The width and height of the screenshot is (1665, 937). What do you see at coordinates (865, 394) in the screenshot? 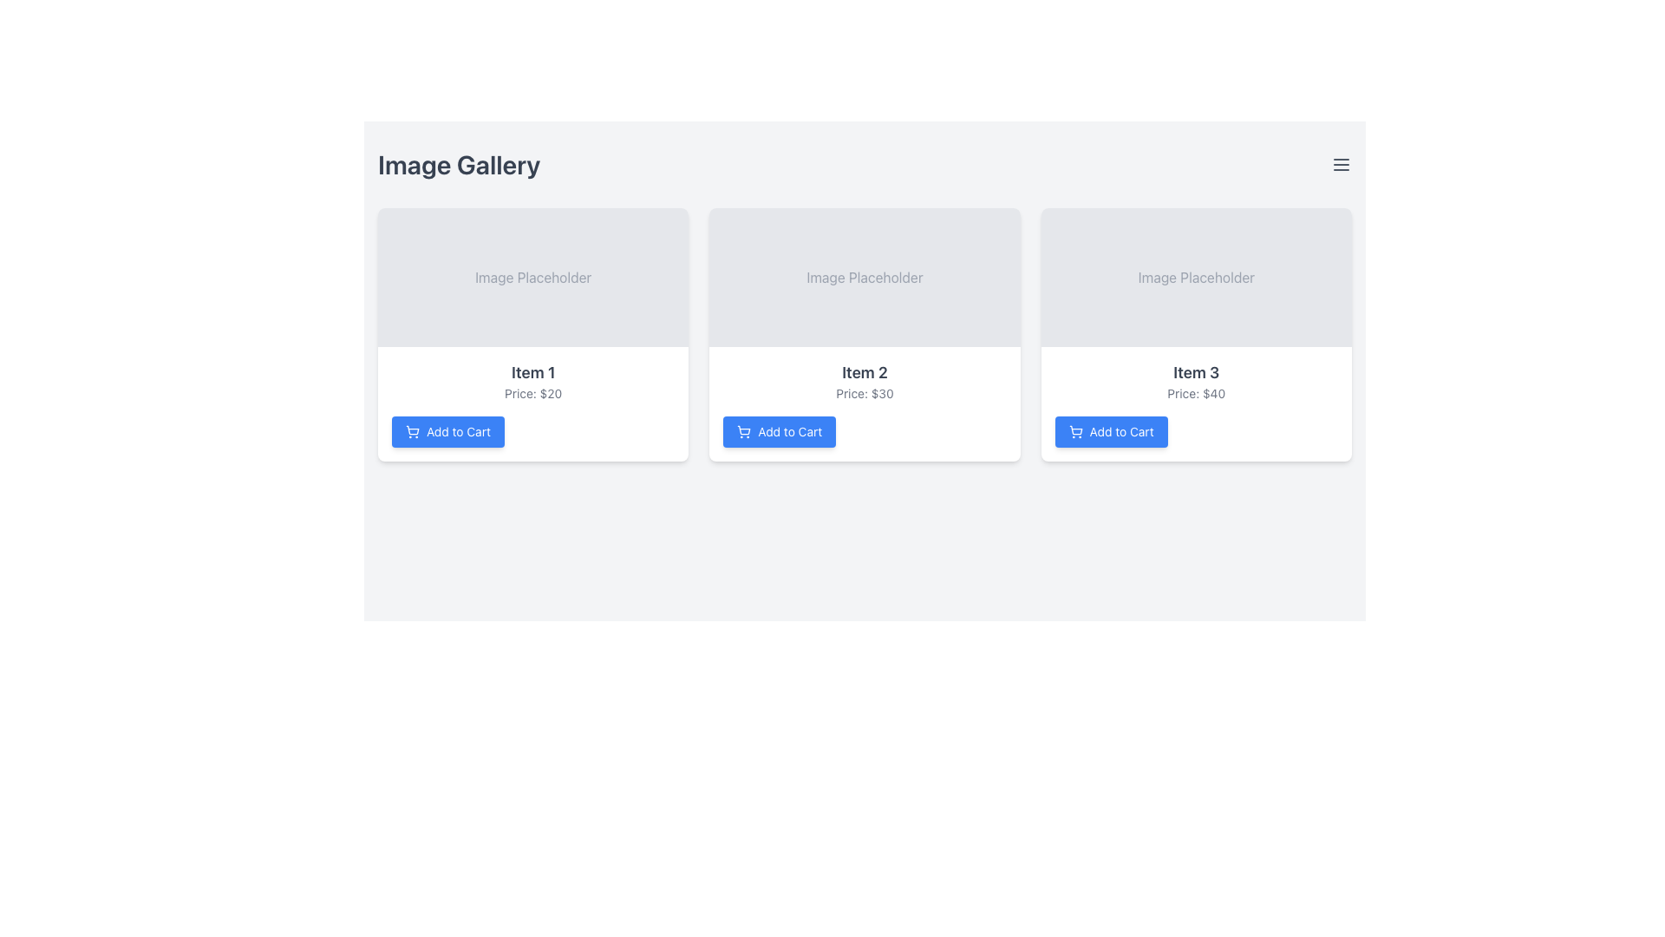
I see `the Text Label displaying the price information for 'Item 2', which is located below the title and above the 'Add to Cart' button` at bounding box center [865, 394].